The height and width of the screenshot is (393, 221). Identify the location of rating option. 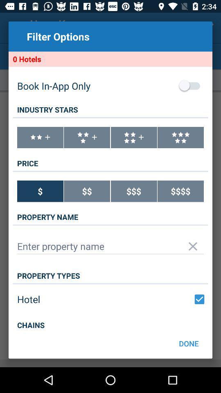
(40, 138).